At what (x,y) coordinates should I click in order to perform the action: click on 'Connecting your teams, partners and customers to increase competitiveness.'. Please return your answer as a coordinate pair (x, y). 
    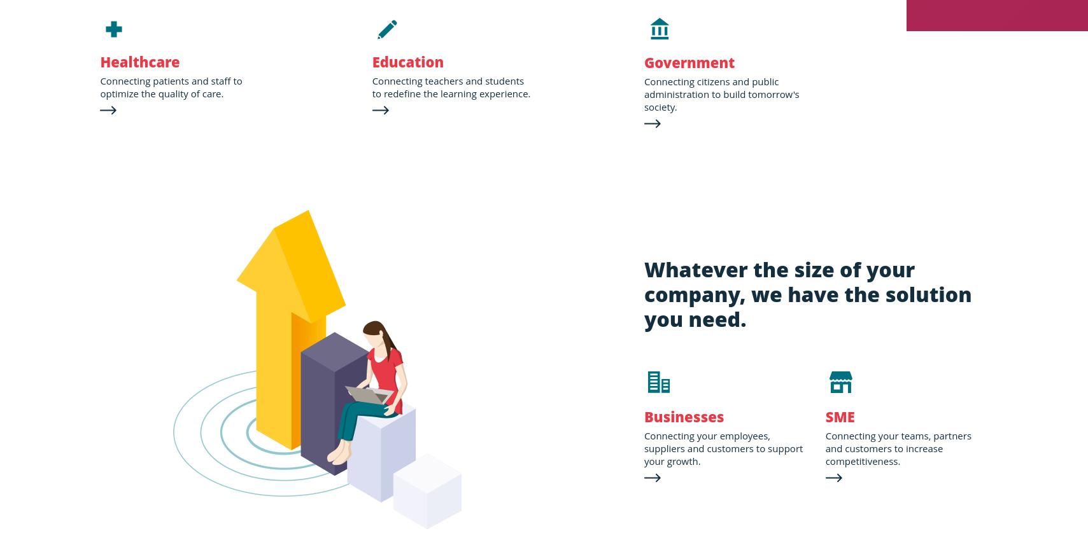
    Looking at the image, I should click on (898, 448).